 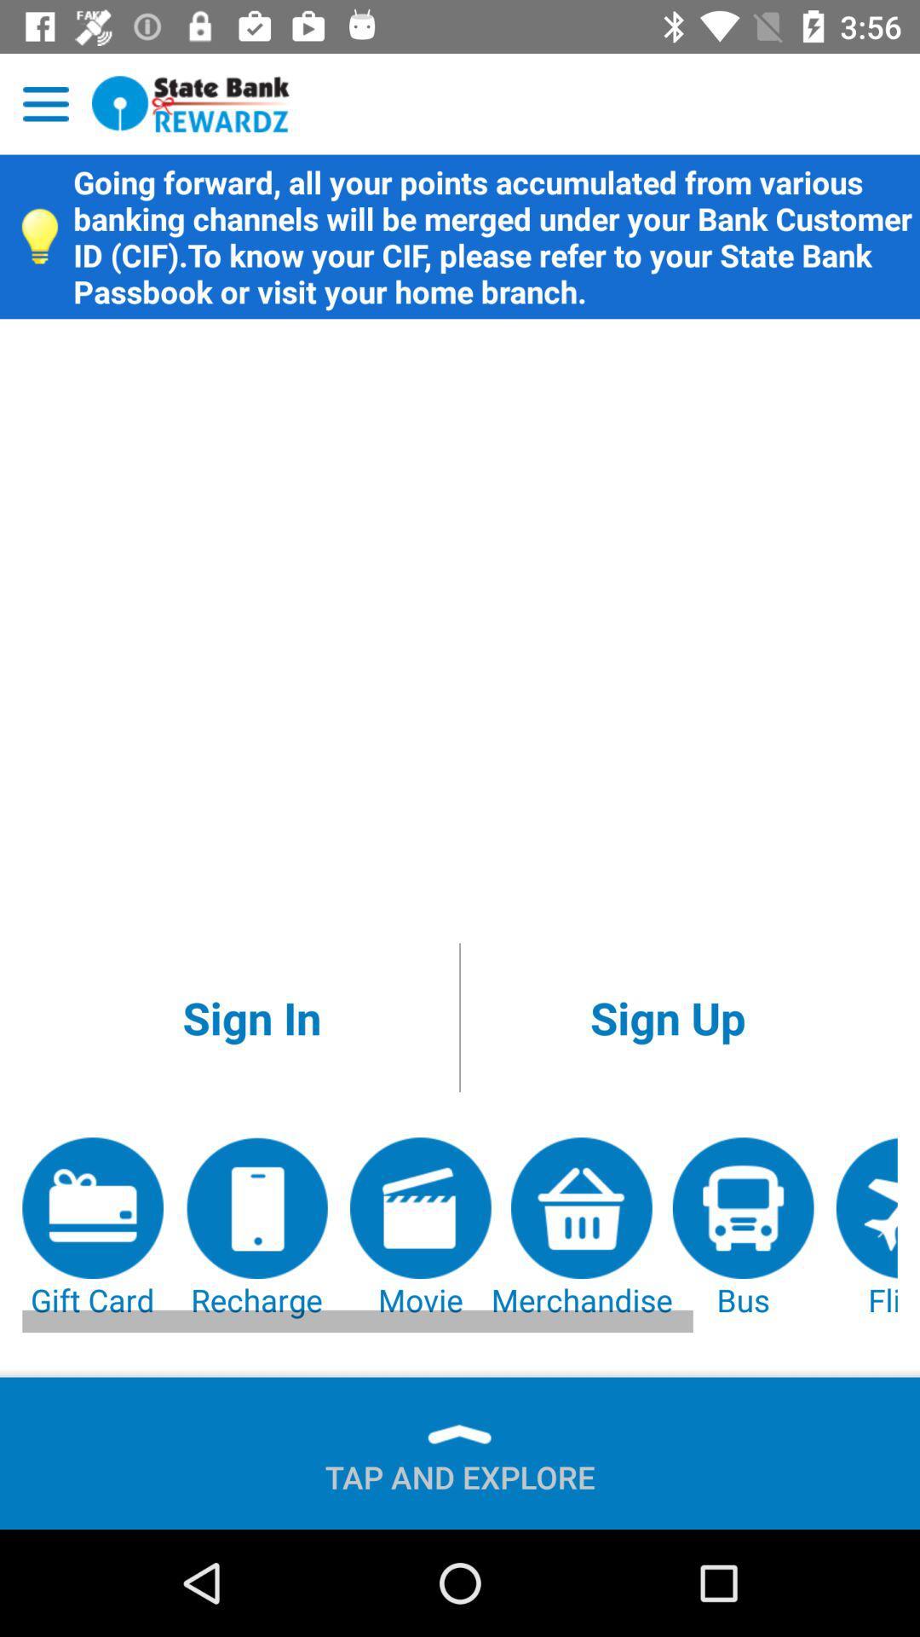 I want to click on icon above movie item, so click(x=667, y=1017).